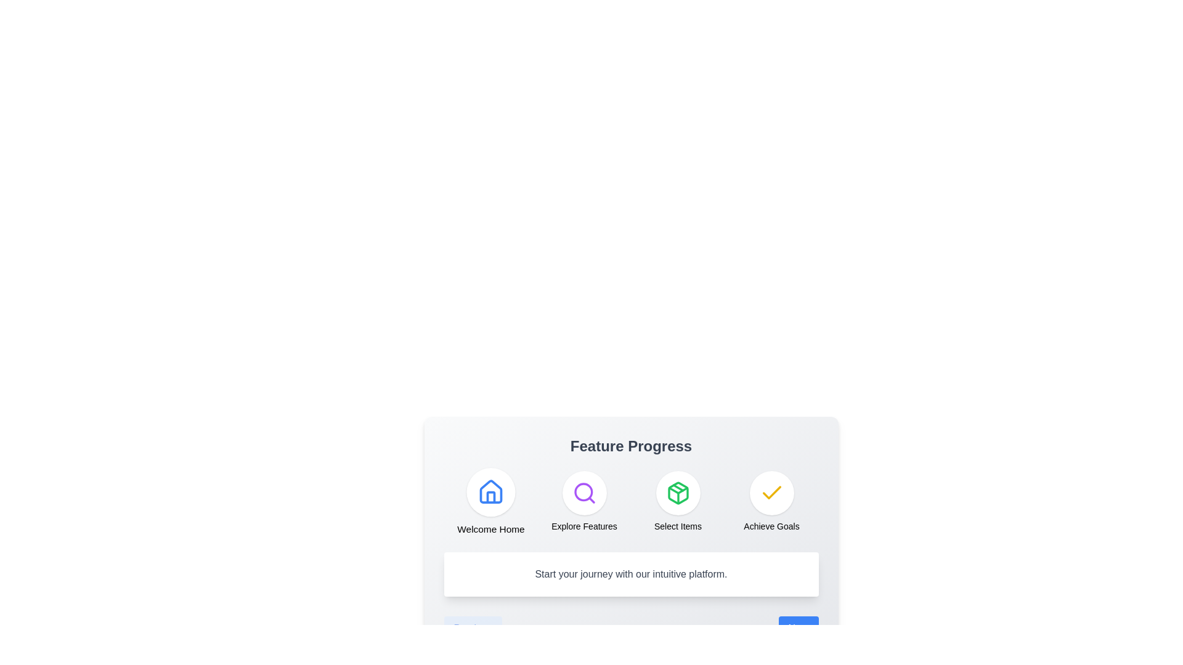 The width and height of the screenshot is (1183, 665). I want to click on the Previous button to navigate through the steps, so click(472, 629).